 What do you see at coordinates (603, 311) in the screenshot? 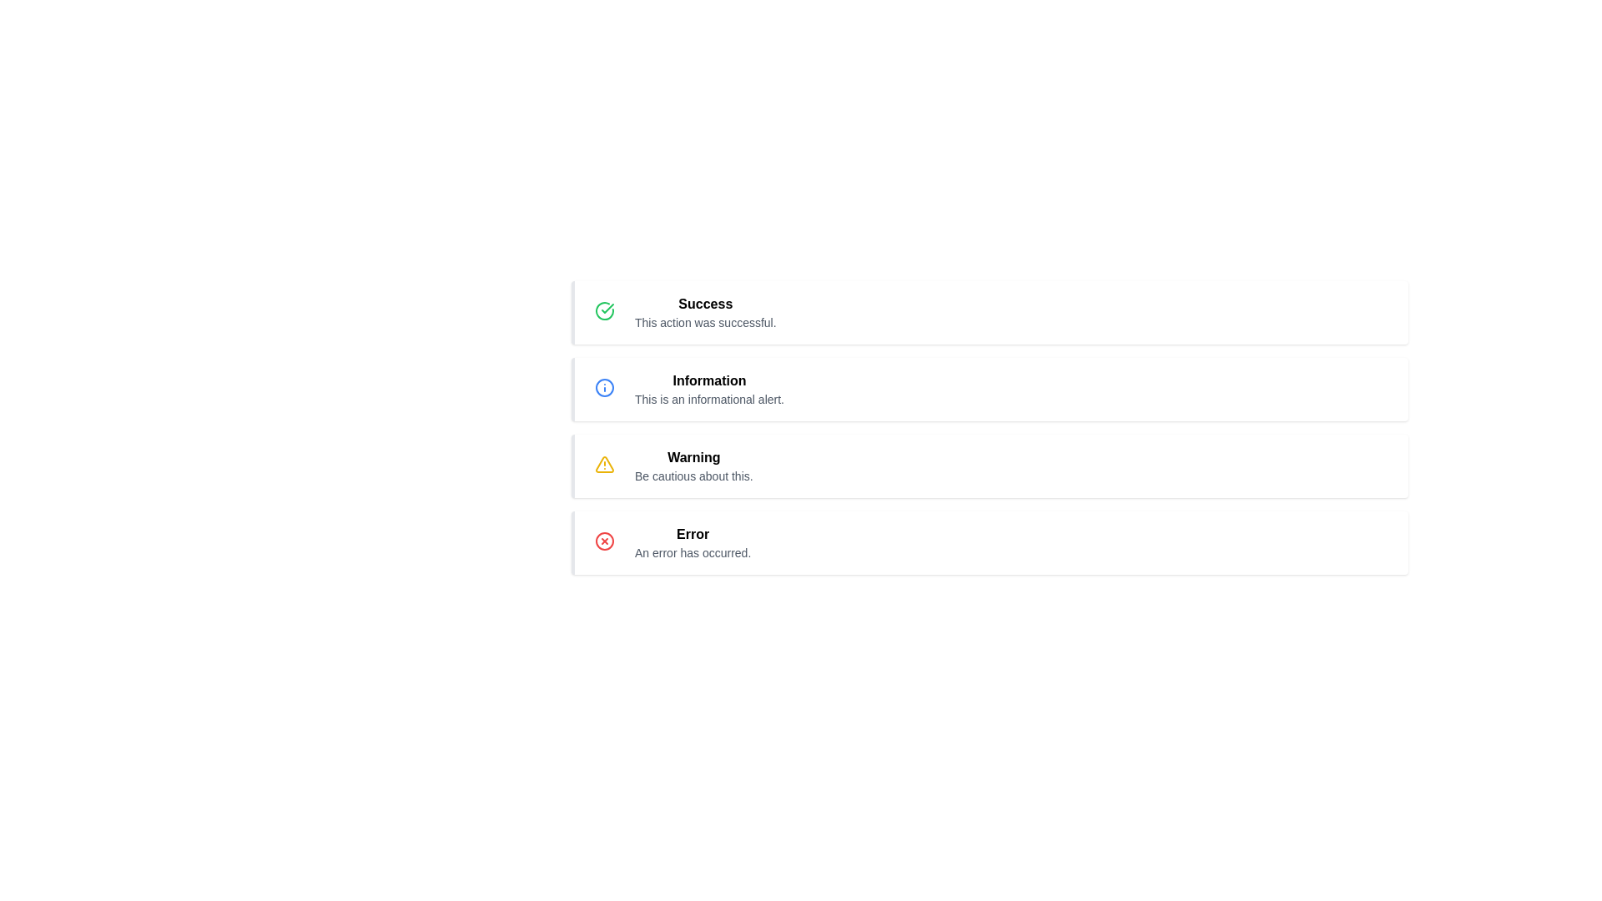
I see `the success state icon, which is the leftmost component of the first row in a vertical list of alert items, preceding the 'Success' text` at bounding box center [603, 311].